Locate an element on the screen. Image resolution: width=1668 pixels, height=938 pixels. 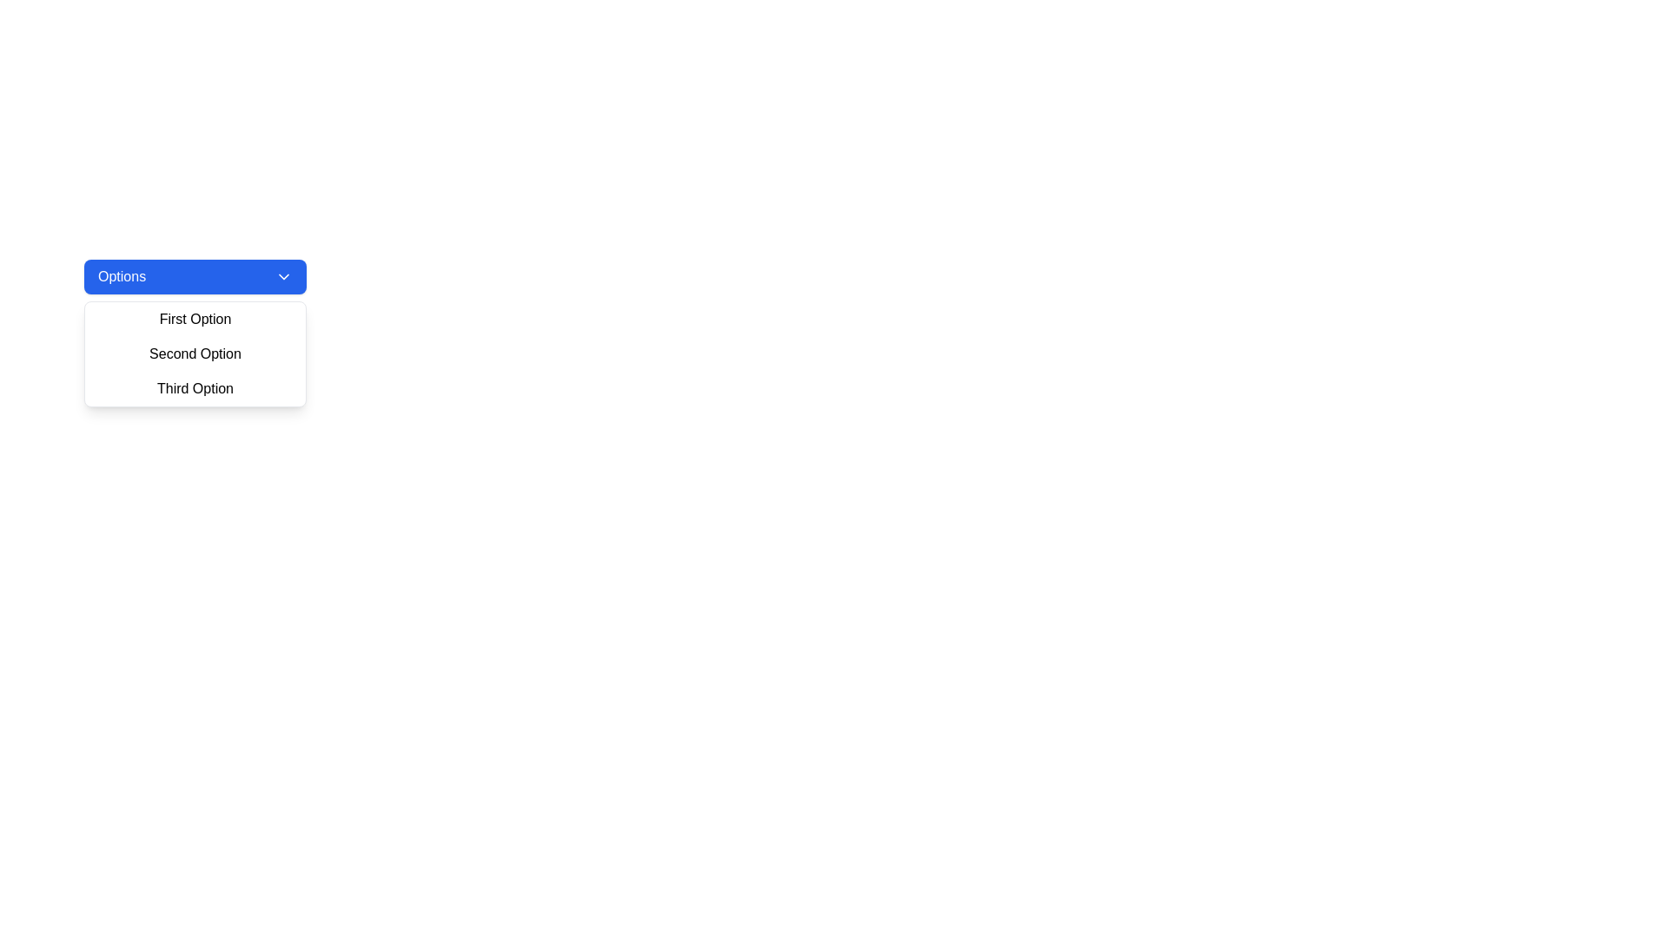
the first option in the dropdown menu labeled 'First Option' is located at coordinates (195, 319).